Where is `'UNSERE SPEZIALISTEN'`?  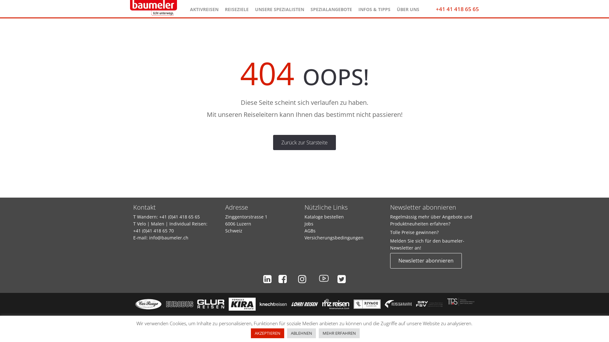
'UNSERE SPEZIALISTEN' is located at coordinates (279, 8).